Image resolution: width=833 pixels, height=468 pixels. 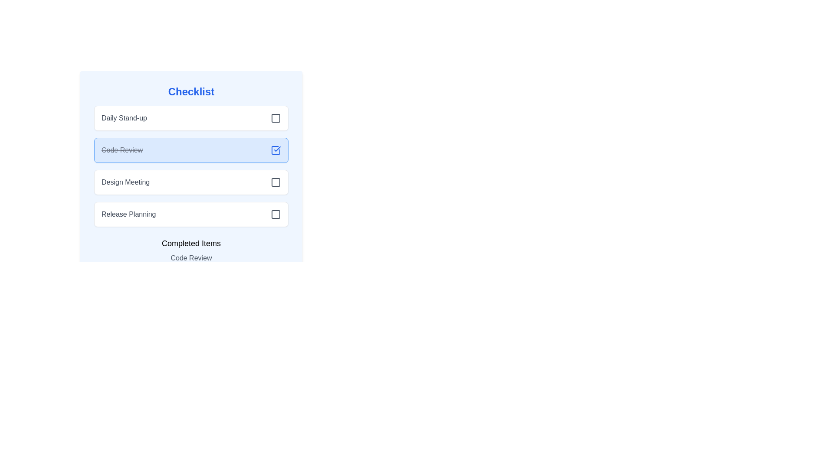 I want to click on the Button/Toggle indicator associated with marking the task 'Design Meeting' in the checklist, so click(x=275, y=182).